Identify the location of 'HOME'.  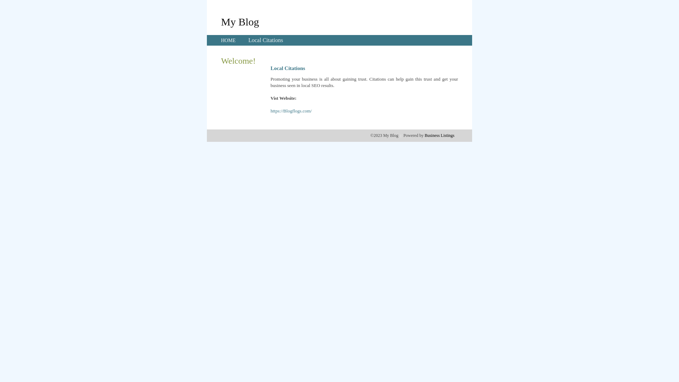
(228, 40).